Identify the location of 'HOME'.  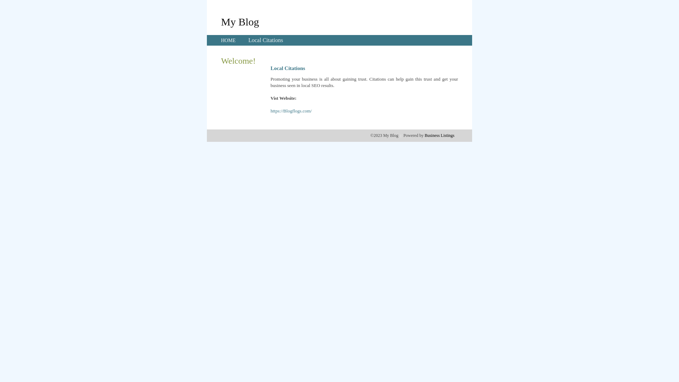
(228, 40).